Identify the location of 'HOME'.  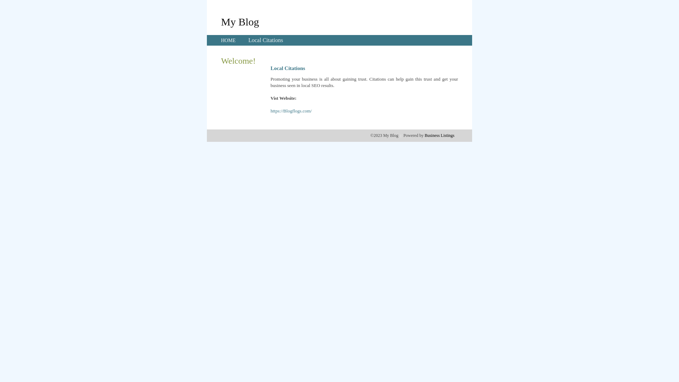
(228, 40).